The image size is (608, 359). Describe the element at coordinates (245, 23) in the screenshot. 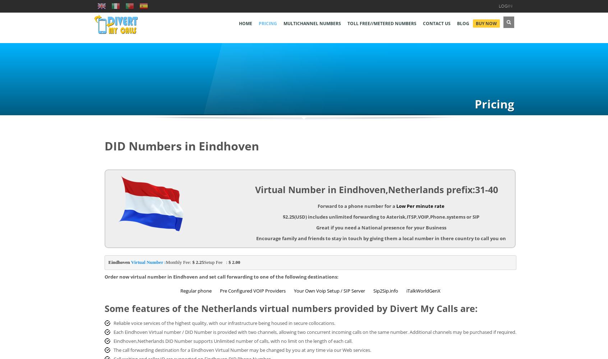

I see `'Home'` at that location.